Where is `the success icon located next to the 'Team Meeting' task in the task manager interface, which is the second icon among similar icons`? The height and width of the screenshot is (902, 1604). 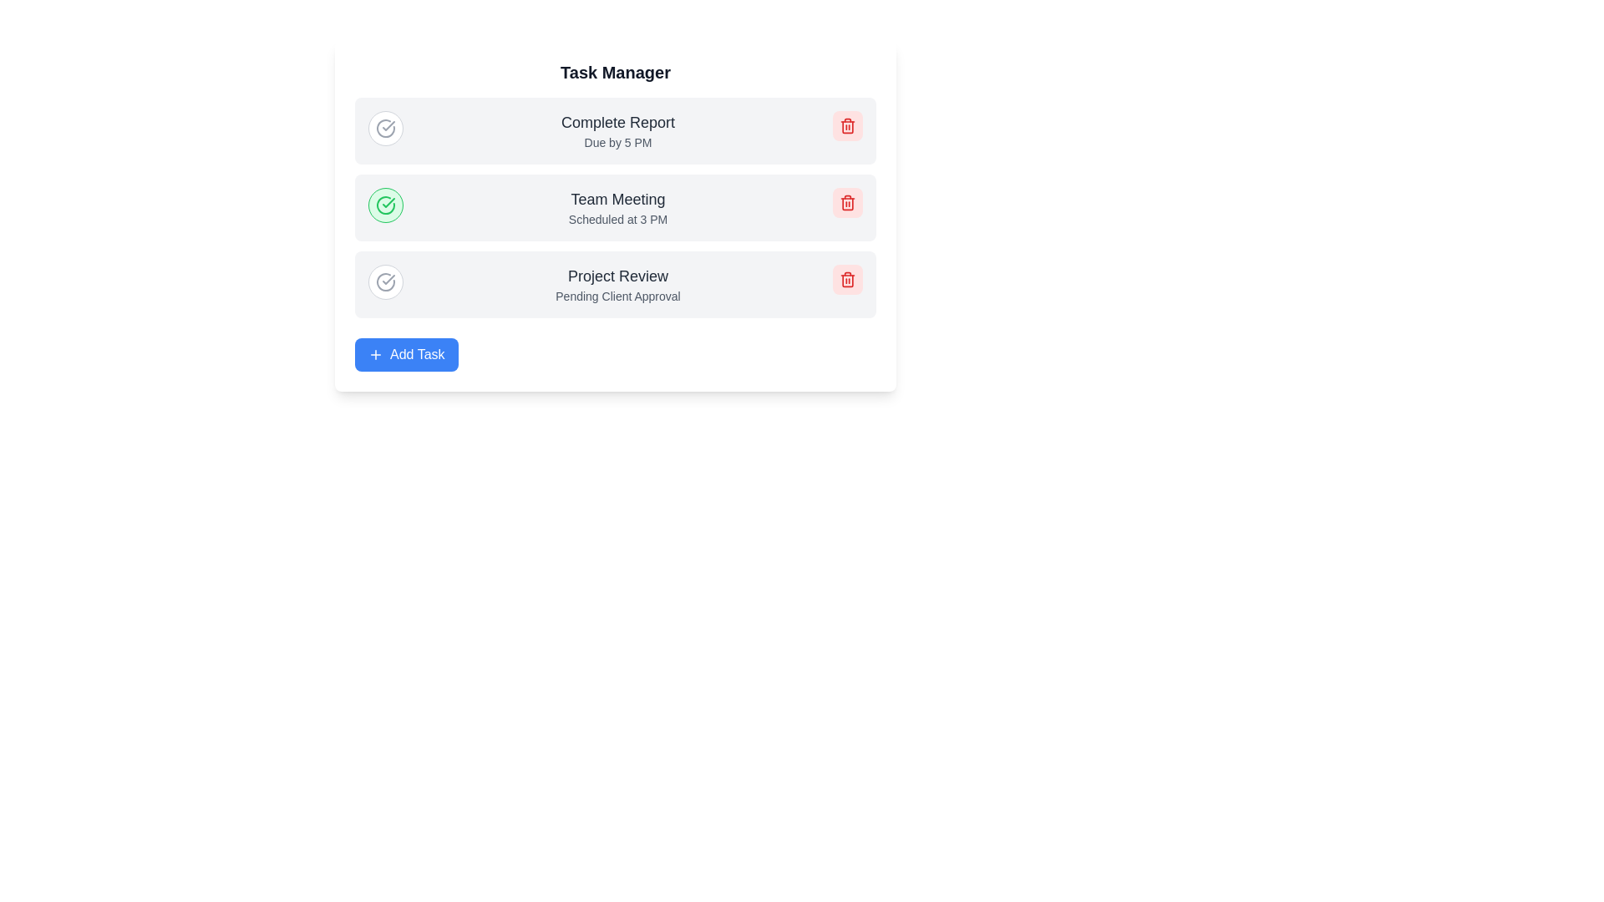 the success icon located next to the 'Team Meeting' task in the task manager interface, which is the second icon among similar icons is located at coordinates (384, 205).